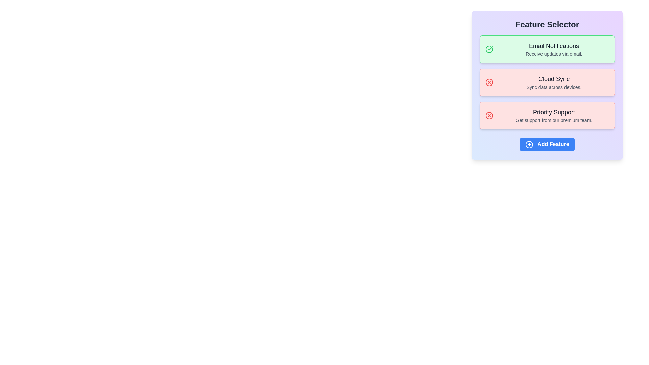  Describe the element at coordinates (547, 82) in the screenshot. I see `the selectable option for 'Cloud Sync' located in the second position of the vertical stack within the 'Feature Selector' box` at that location.